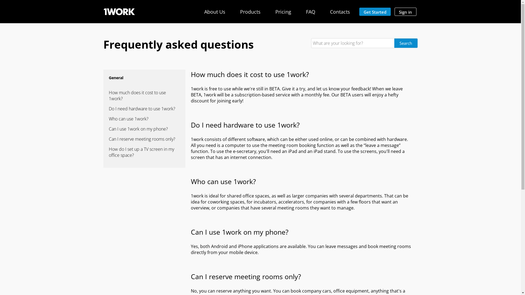  Describe the element at coordinates (144, 152) in the screenshot. I see `'How do I set up a TV screen in my office space?'` at that location.